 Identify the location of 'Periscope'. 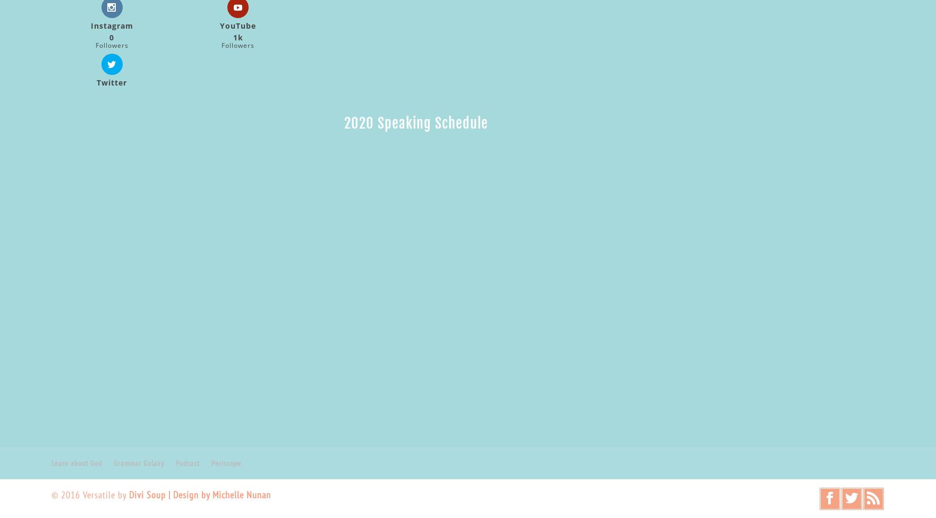
(225, 462).